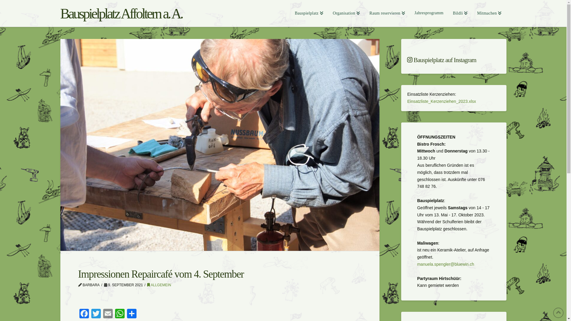 The image size is (571, 321). What do you see at coordinates (387, 13) in the screenshot?
I see `'Raum reservieren'` at bounding box center [387, 13].